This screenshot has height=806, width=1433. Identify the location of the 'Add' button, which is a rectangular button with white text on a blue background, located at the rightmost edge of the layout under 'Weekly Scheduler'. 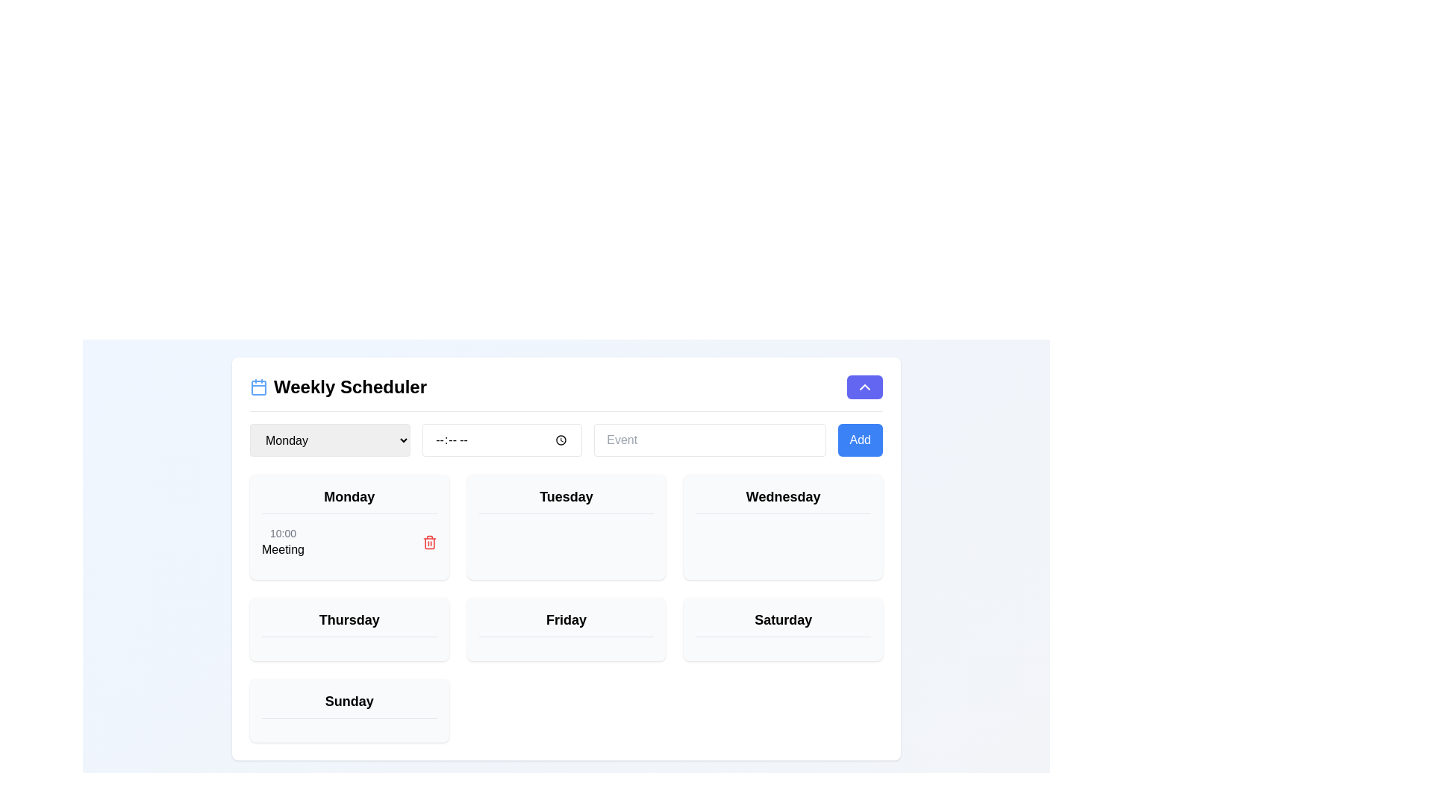
(860, 440).